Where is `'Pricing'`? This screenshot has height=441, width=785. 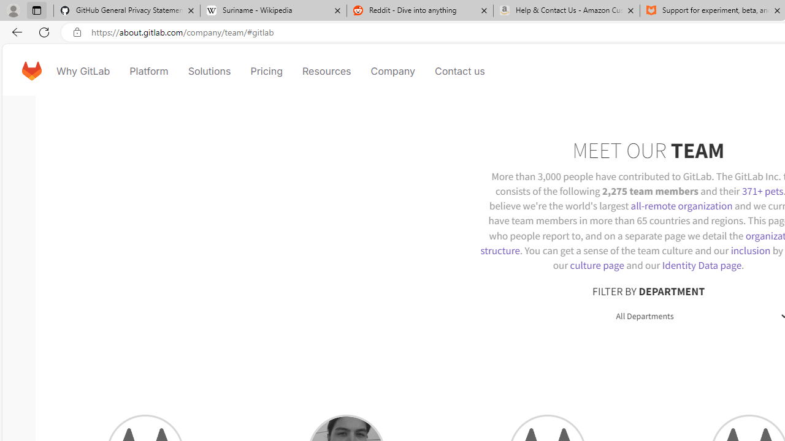 'Pricing' is located at coordinates (265, 70).